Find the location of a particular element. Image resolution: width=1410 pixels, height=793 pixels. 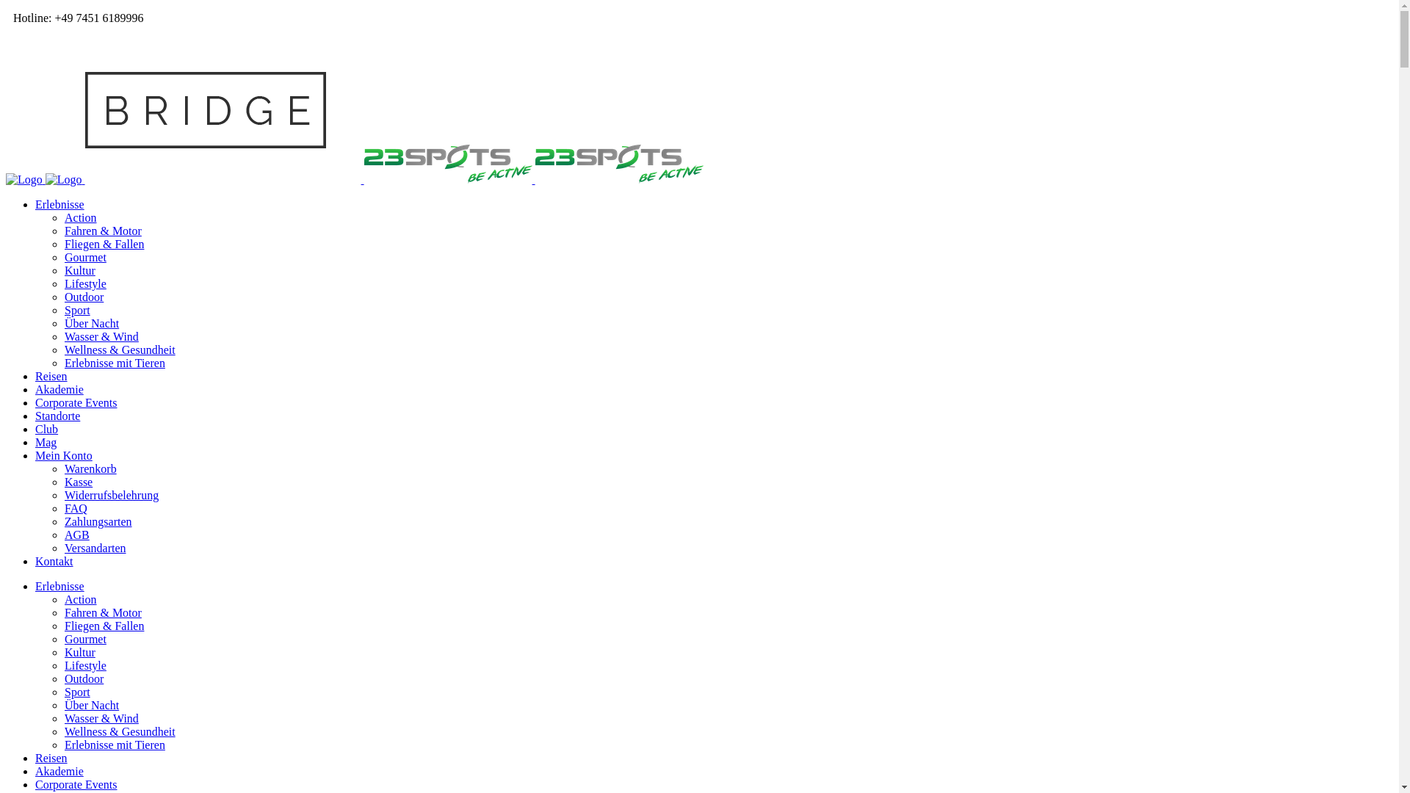

'AGB' is located at coordinates (76, 535).